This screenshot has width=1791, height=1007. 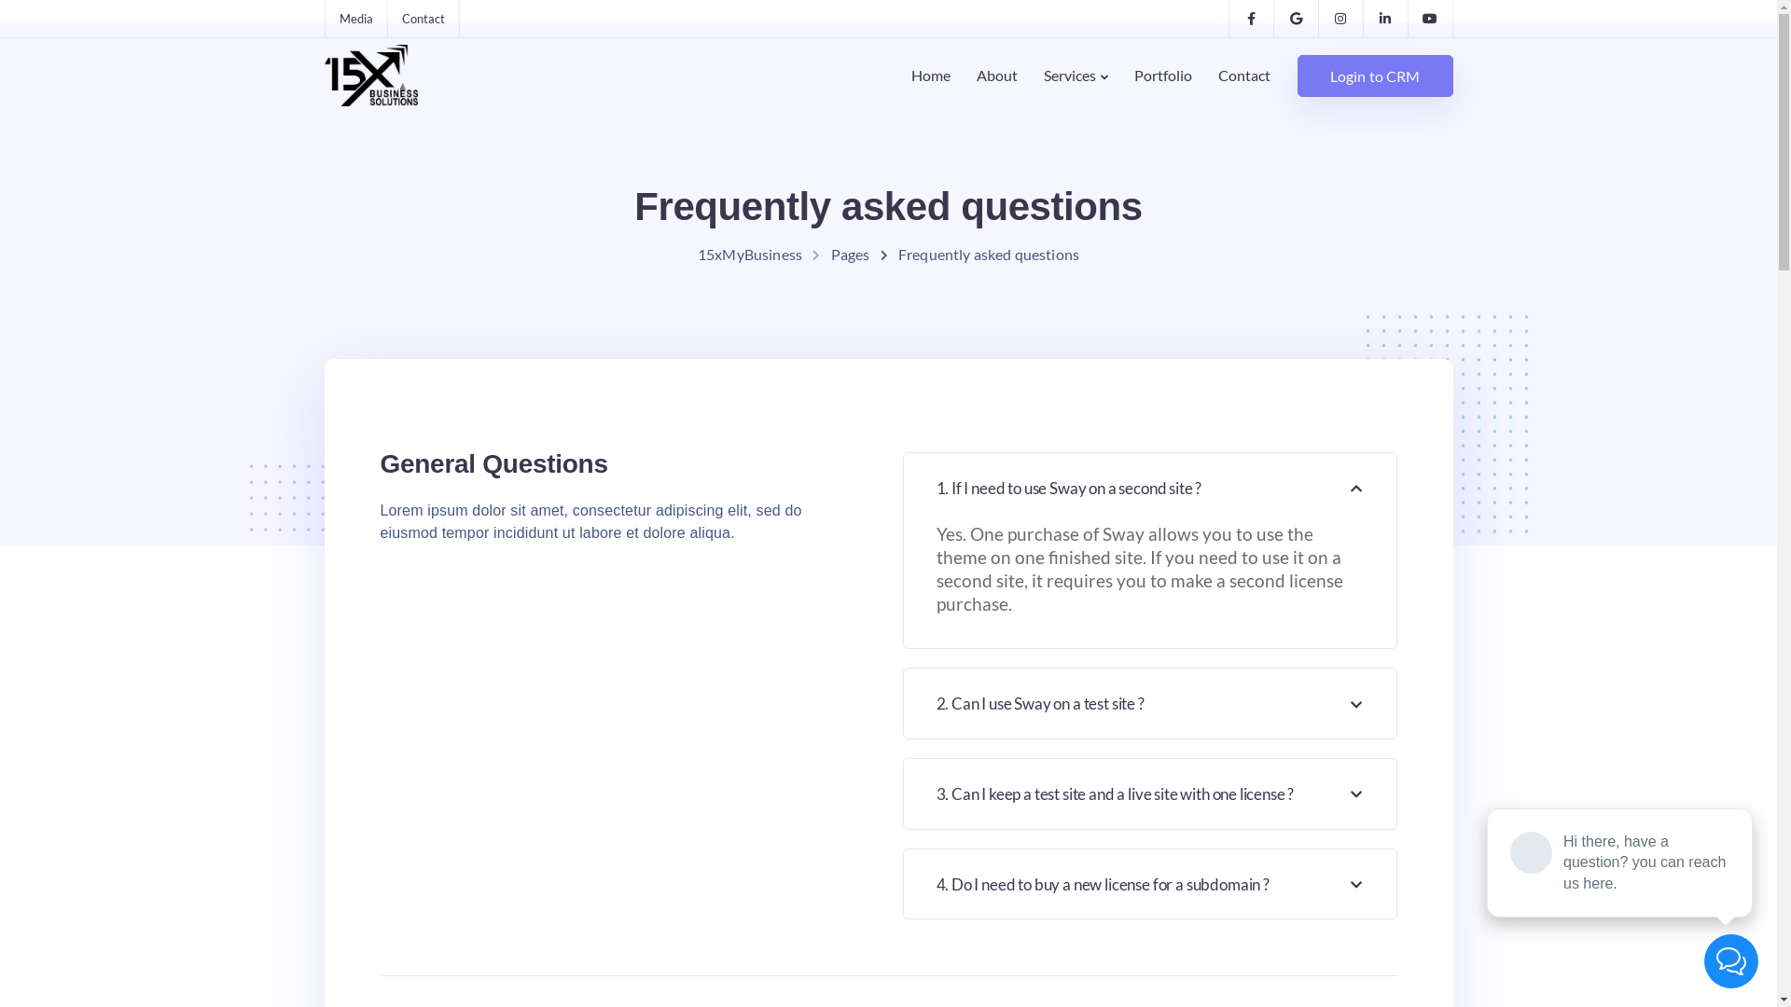 I want to click on 'Pages', so click(x=850, y=254).